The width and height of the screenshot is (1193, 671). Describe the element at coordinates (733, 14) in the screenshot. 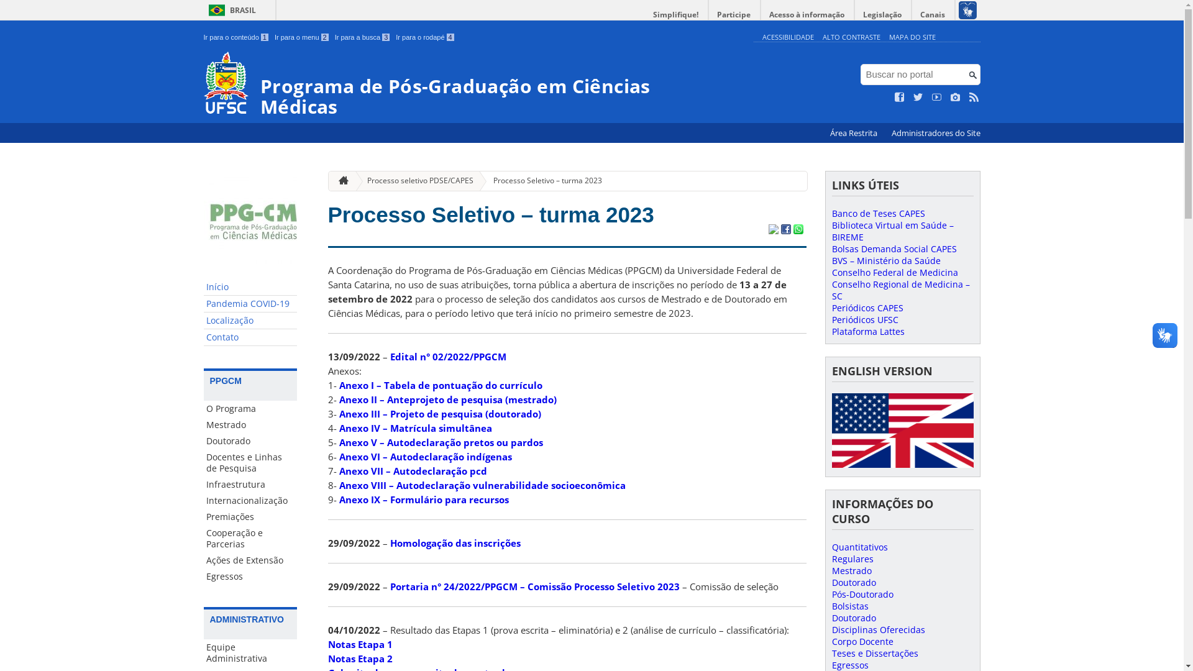

I see `'Participe'` at that location.